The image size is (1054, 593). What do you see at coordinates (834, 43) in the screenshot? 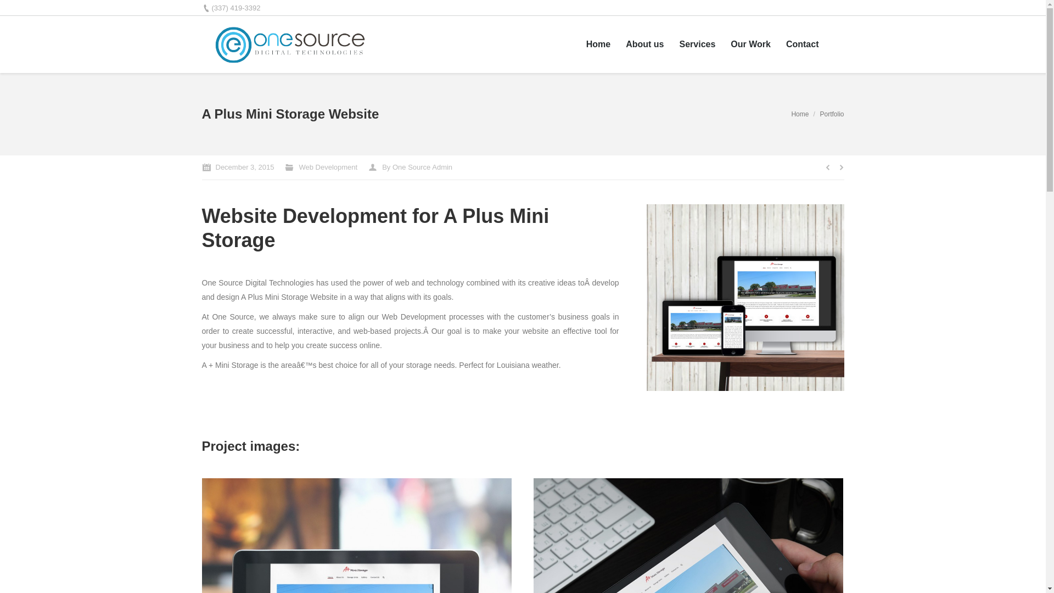
I see `' '` at bounding box center [834, 43].